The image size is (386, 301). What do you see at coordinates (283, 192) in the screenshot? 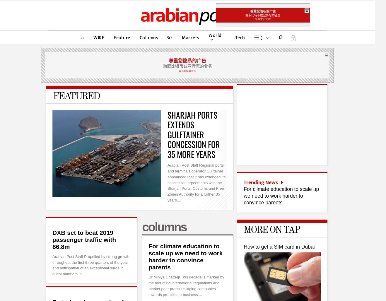
I see `'Chinese replay of Japan’s two lost decades'` at bounding box center [283, 192].